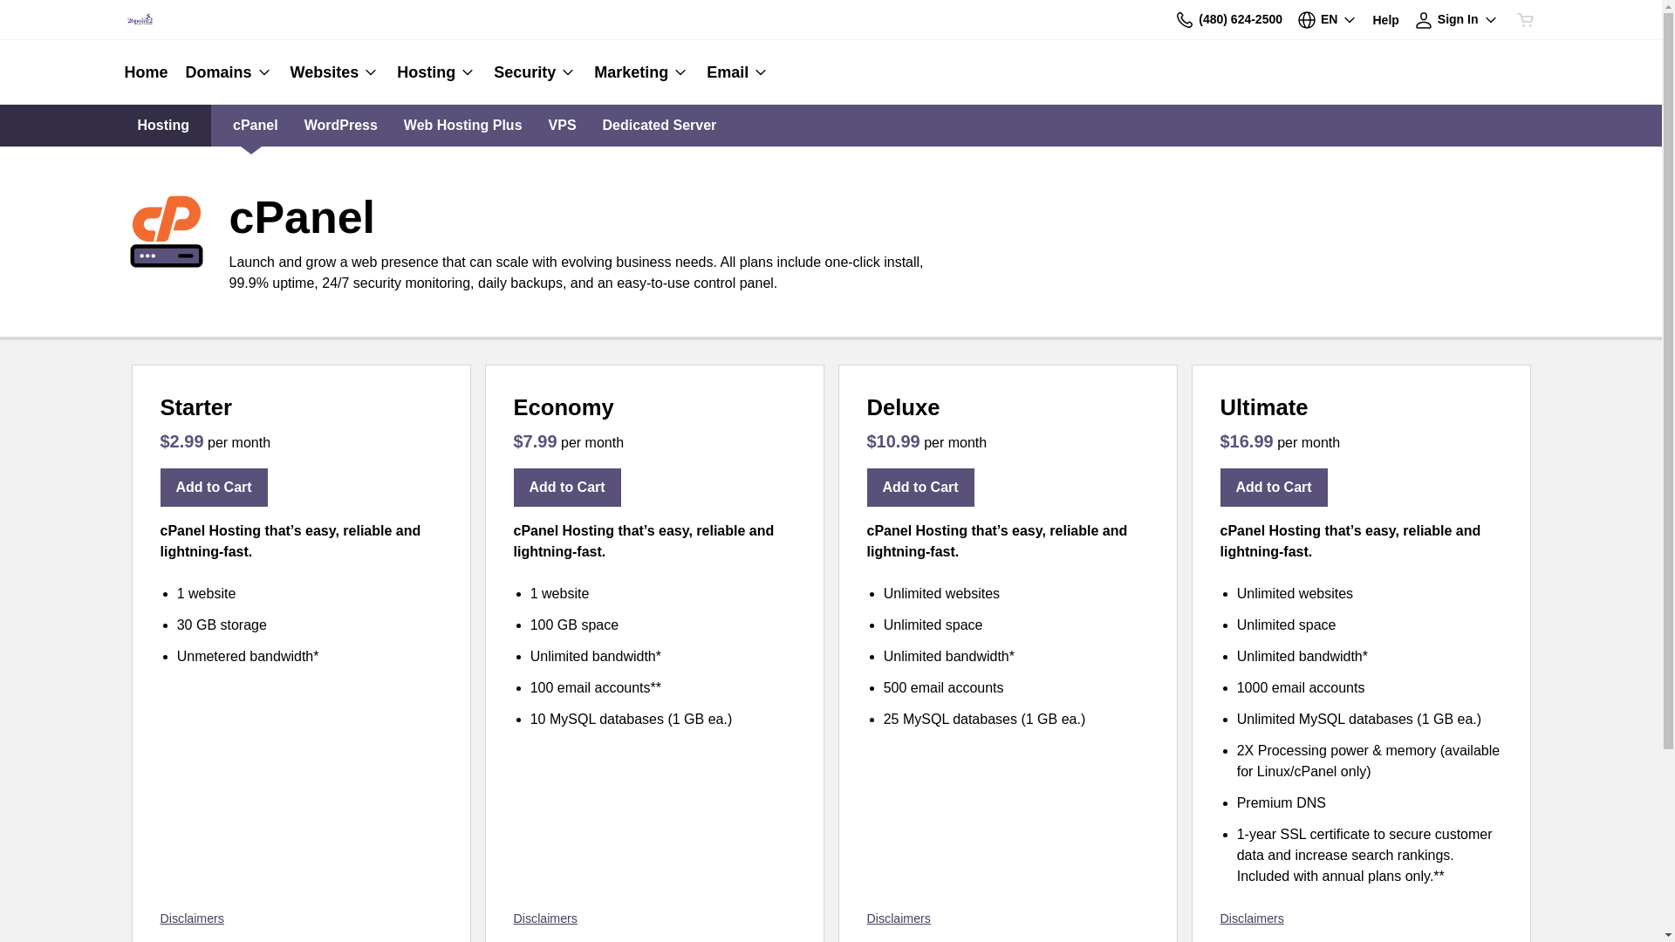 The height and width of the screenshot is (942, 1675). Describe the element at coordinates (402, 124) in the screenshot. I see `'Web Hosting Plus'` at that location.